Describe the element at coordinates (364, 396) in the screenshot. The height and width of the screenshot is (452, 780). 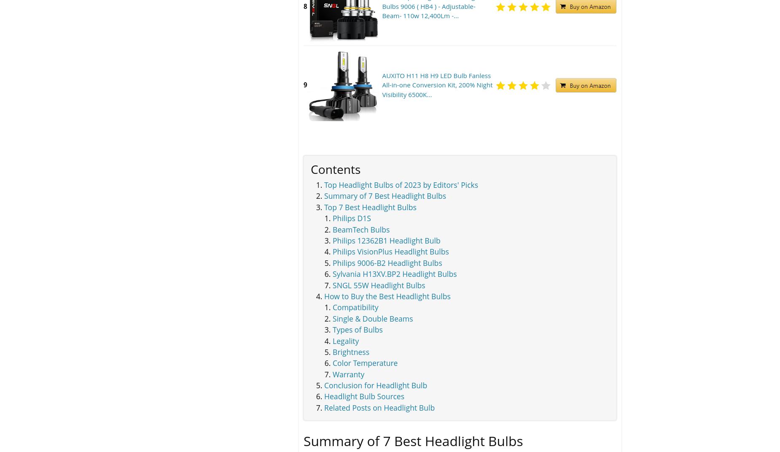
I see `'Headlight Bulb Sources'` at that location.